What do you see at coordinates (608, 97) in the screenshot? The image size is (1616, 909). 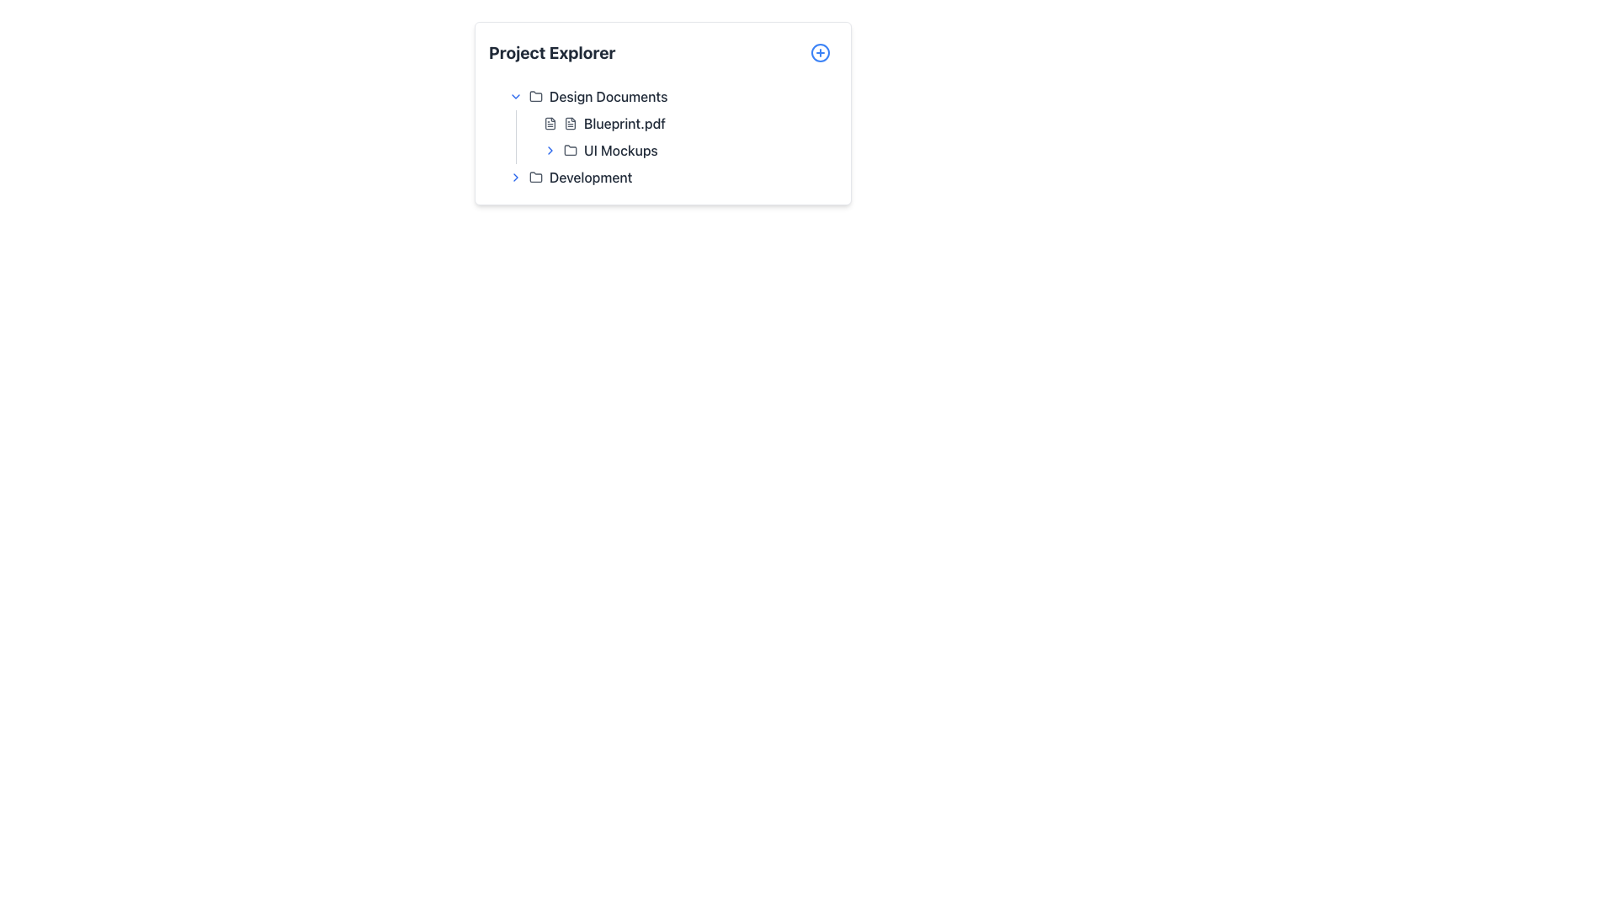 I see `the text label "Design Documents" which is styled in gray and located in the Project Explorer tree view, positioned to the right of a folder icon and beneath an expand/collapse arrow` at bounding box center [608, 97].